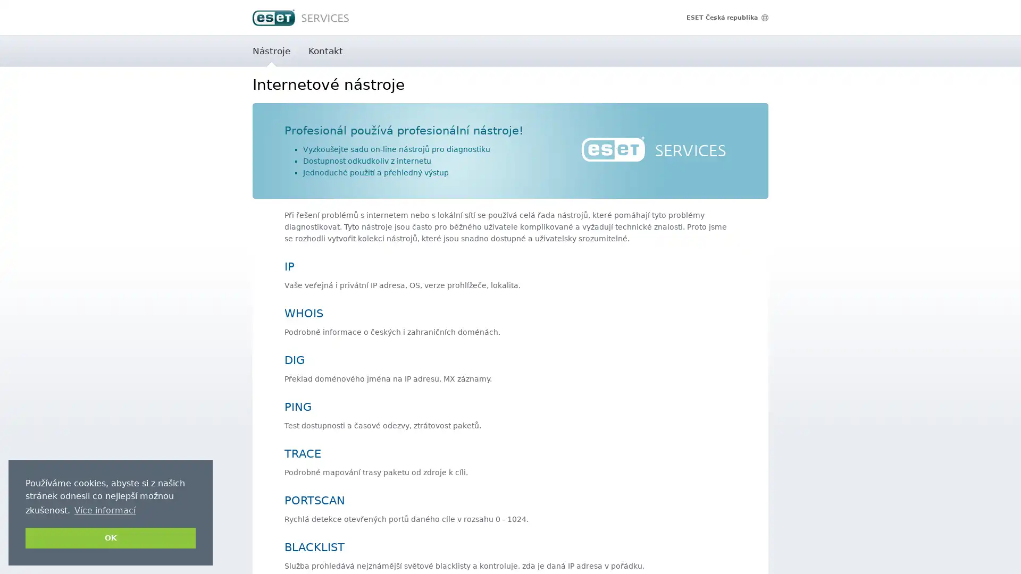  I want to click on dismiss cookie message, so click(110, 537).